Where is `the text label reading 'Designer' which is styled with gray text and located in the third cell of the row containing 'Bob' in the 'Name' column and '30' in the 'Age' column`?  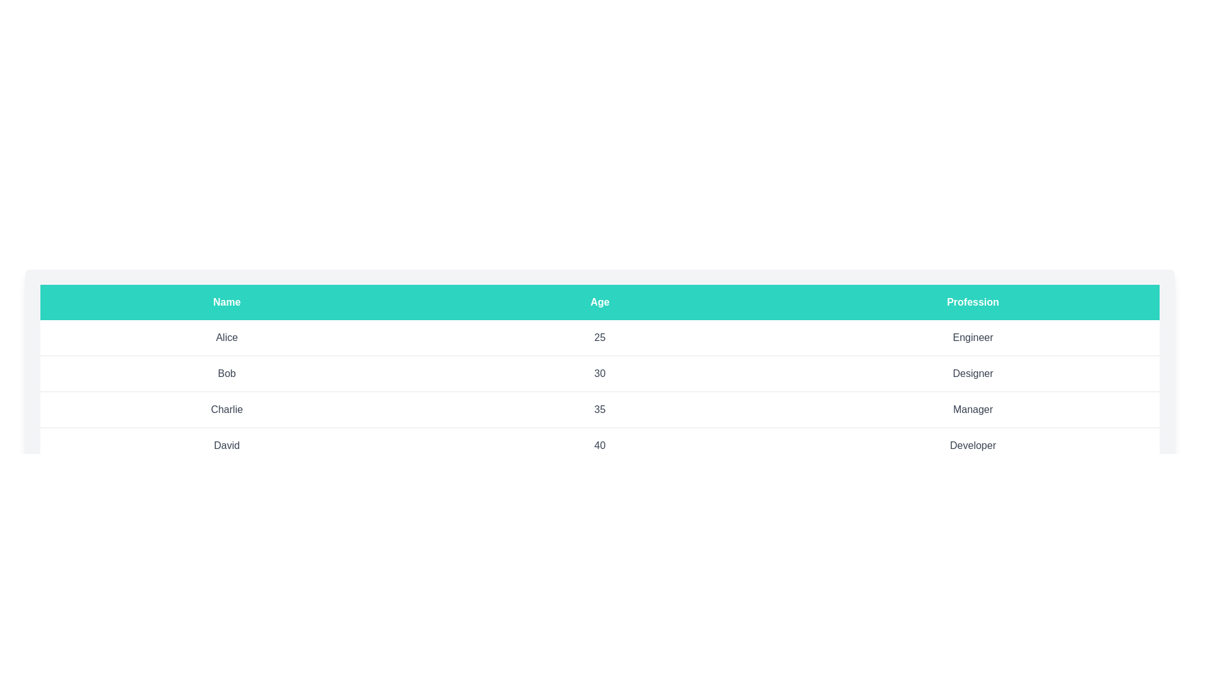
the text label reading 'Designer' which is styled with gray text and located in the third cell of the row containing 'Bob' in the 'Name' column and '30' in the 'Age' column is located at coordinates (972, 373).